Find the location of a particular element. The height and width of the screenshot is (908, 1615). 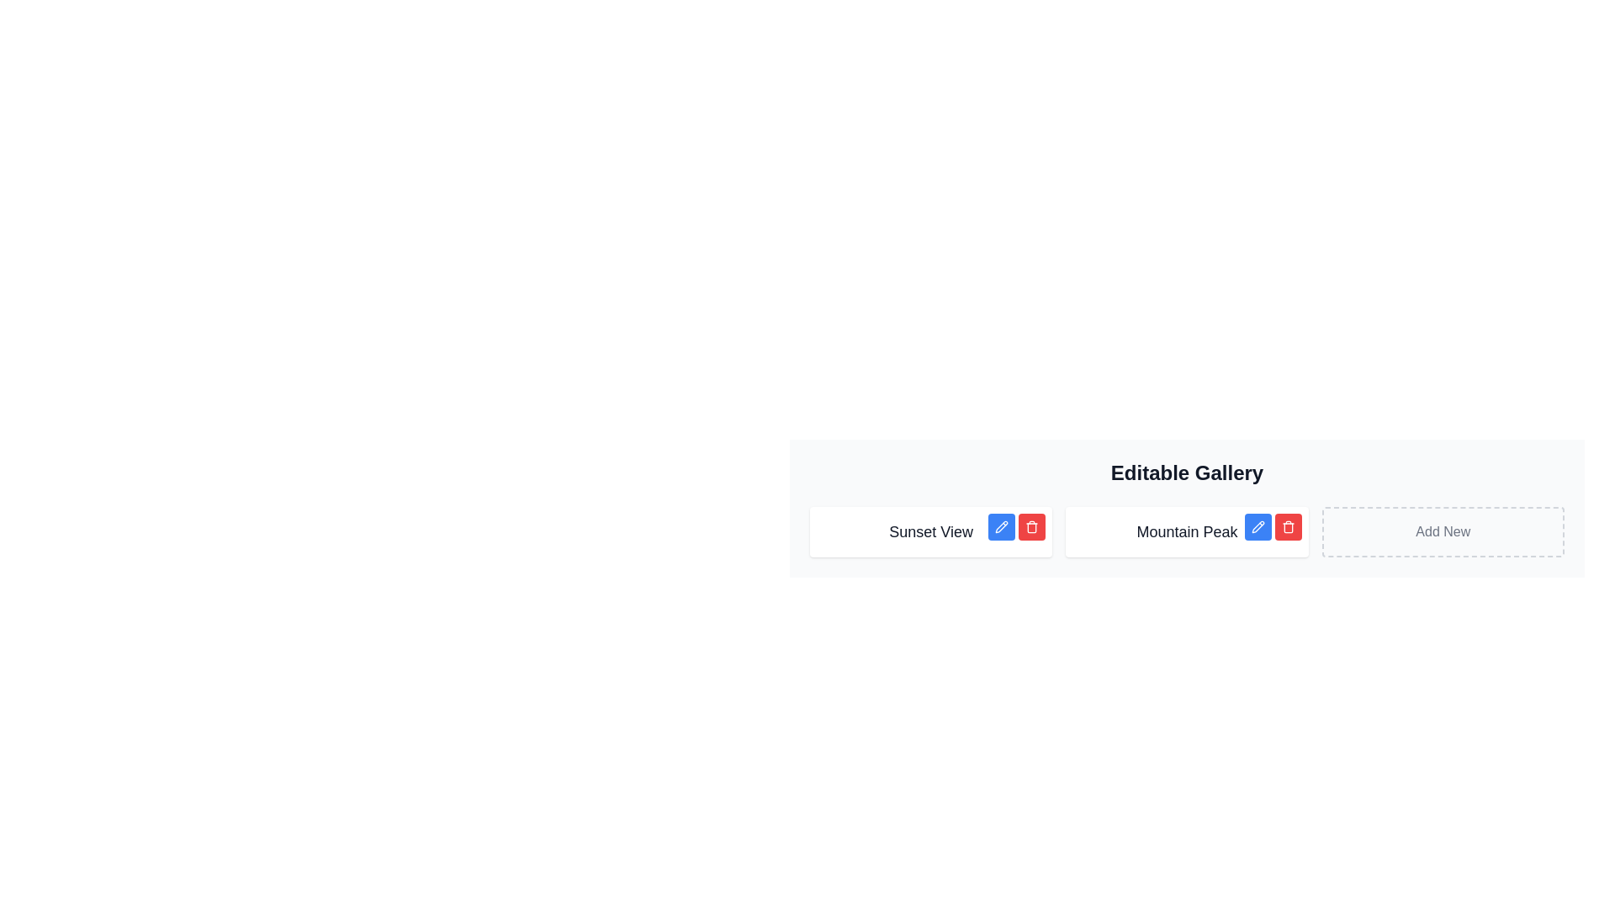

the red square button with a trash bin icon located in the second column of the control panel for the 'Mountain Peak' item is located at coordinates (1031, 526).